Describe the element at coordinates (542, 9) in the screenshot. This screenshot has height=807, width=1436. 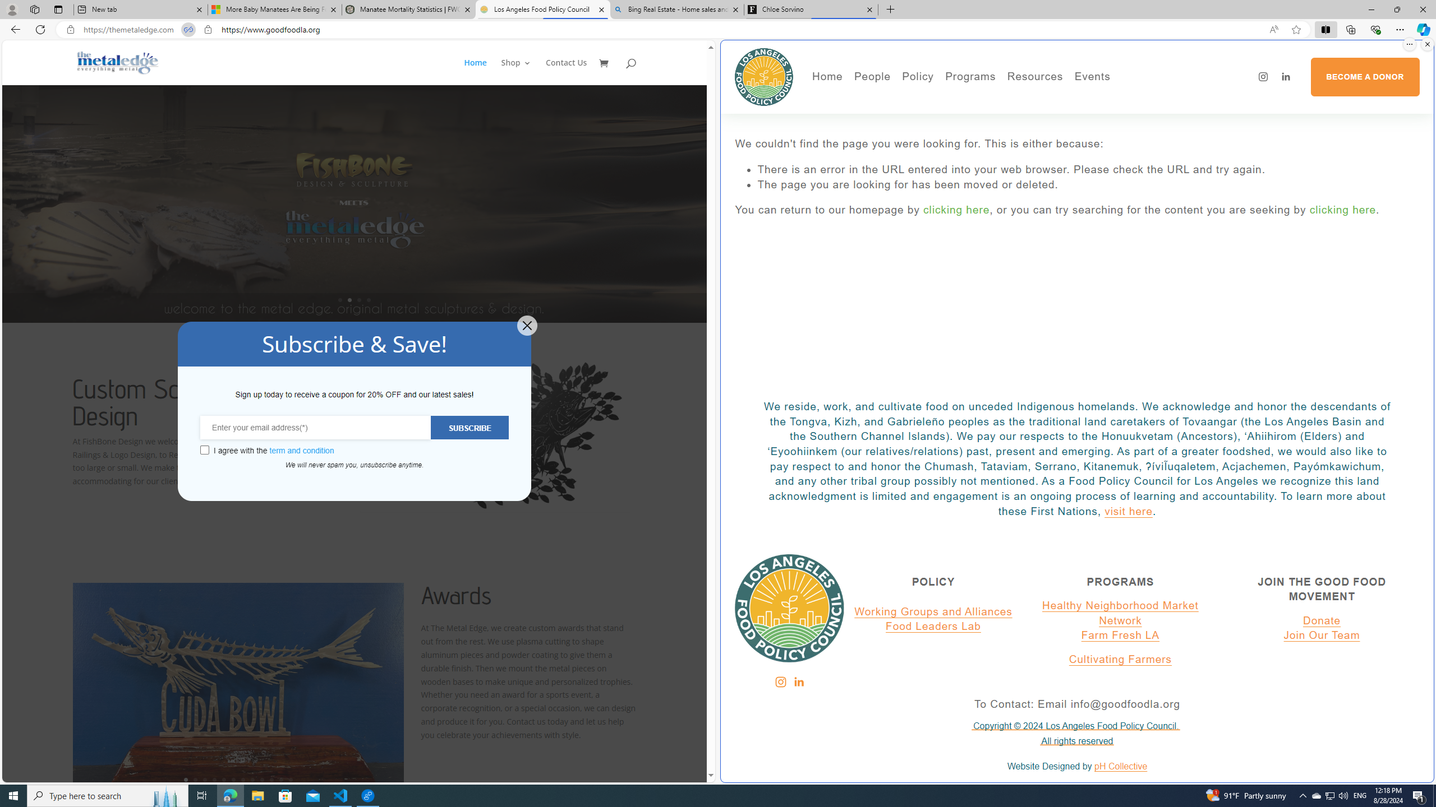
I see `'Los Angeles Food Policy Council'` at that location.